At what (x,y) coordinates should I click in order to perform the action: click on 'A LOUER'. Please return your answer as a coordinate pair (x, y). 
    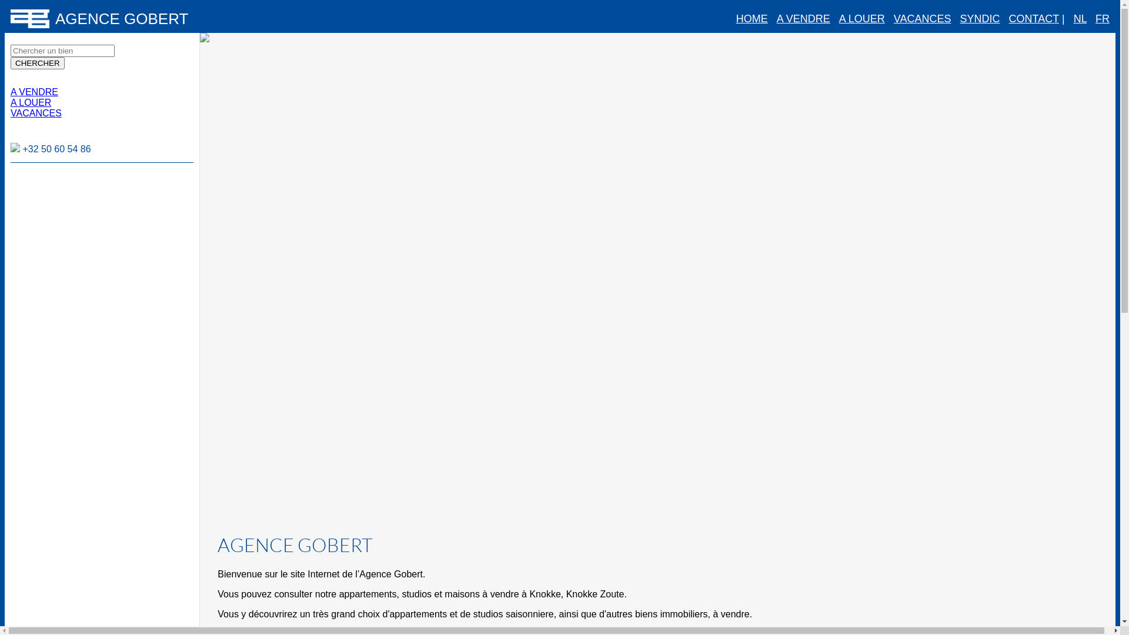
    Looking at the image, I should click on (838, 18).